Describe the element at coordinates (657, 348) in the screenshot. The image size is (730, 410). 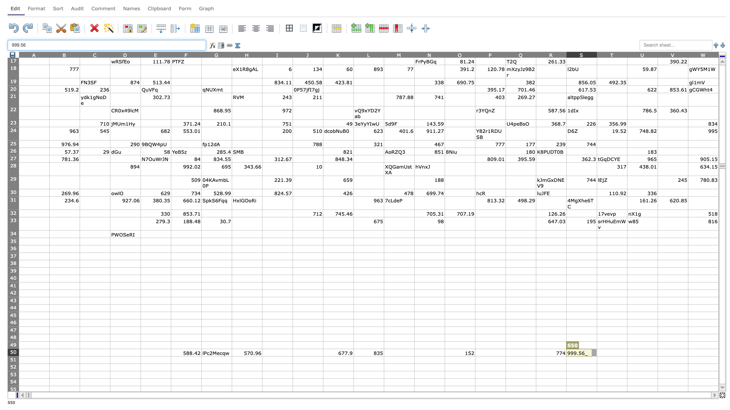
I see `Top left of cell V50` at that location.